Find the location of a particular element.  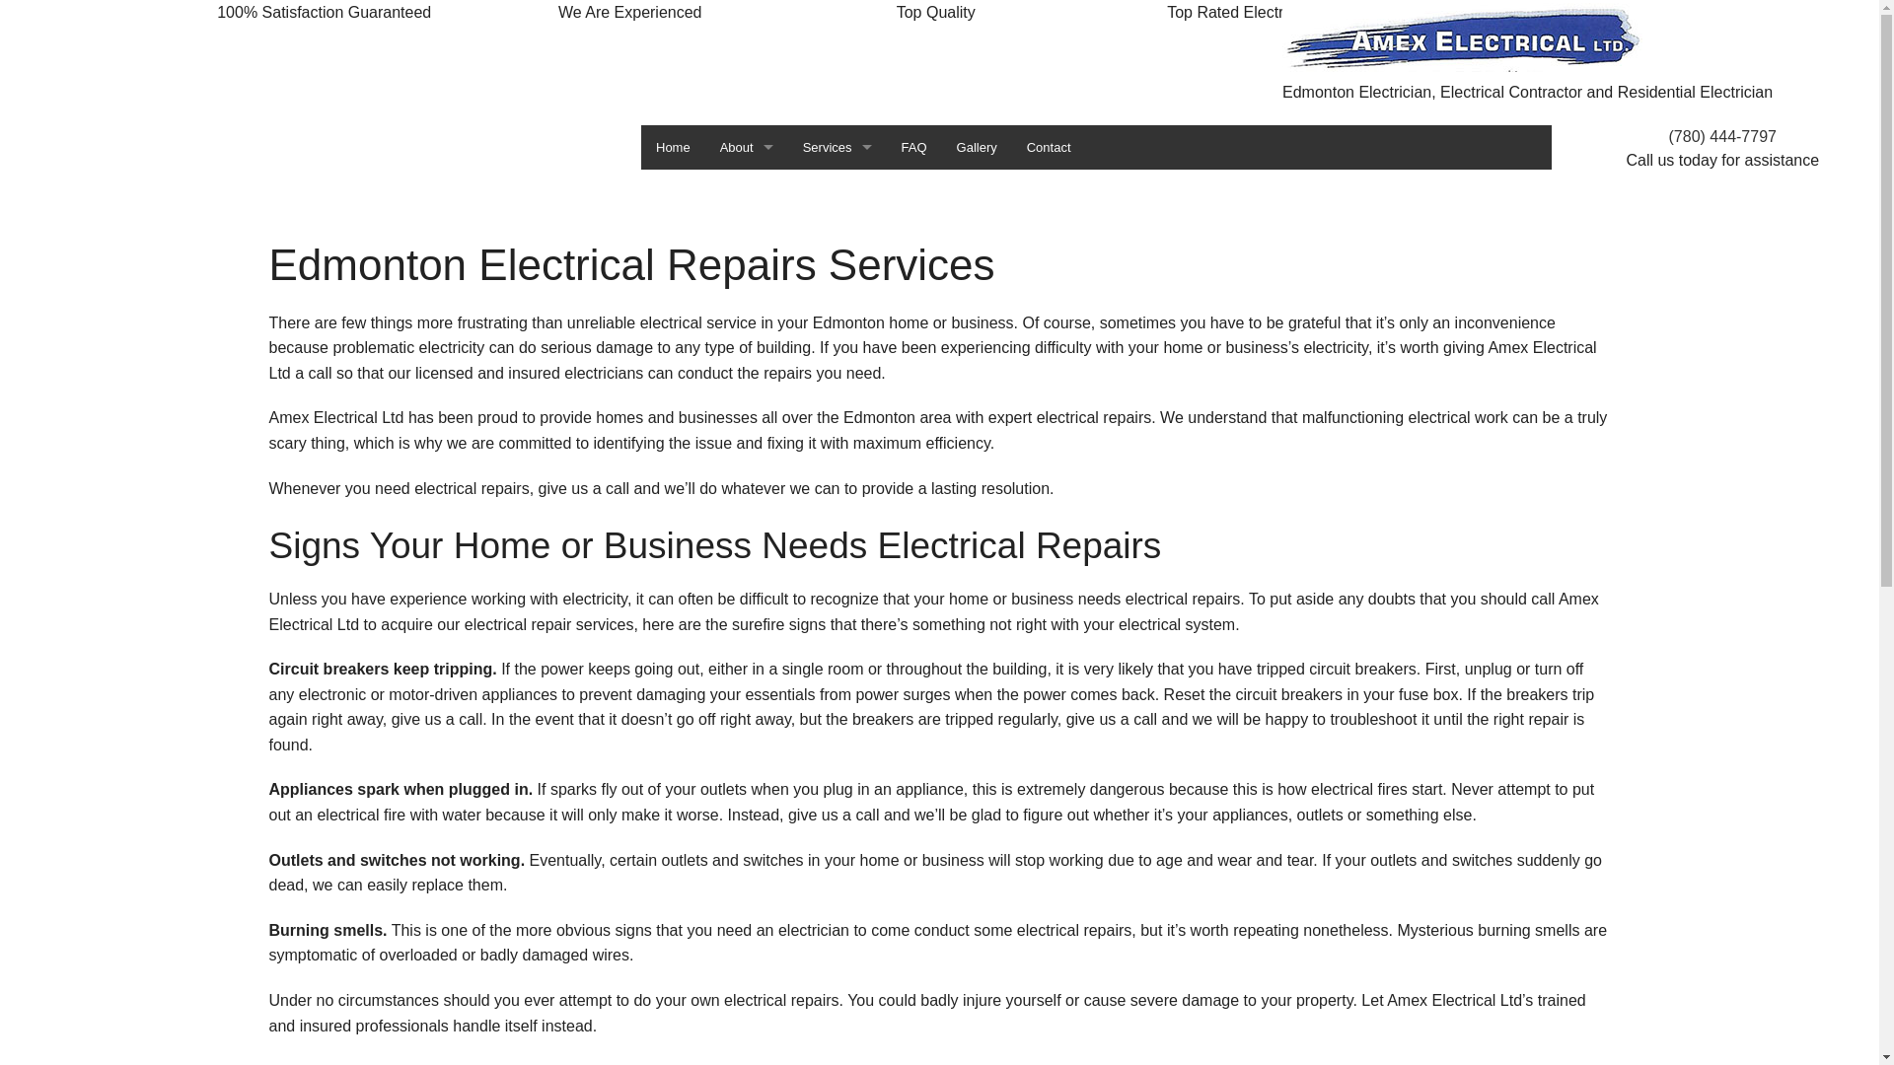

'Testimonials' is located at coordinates (746, 235).